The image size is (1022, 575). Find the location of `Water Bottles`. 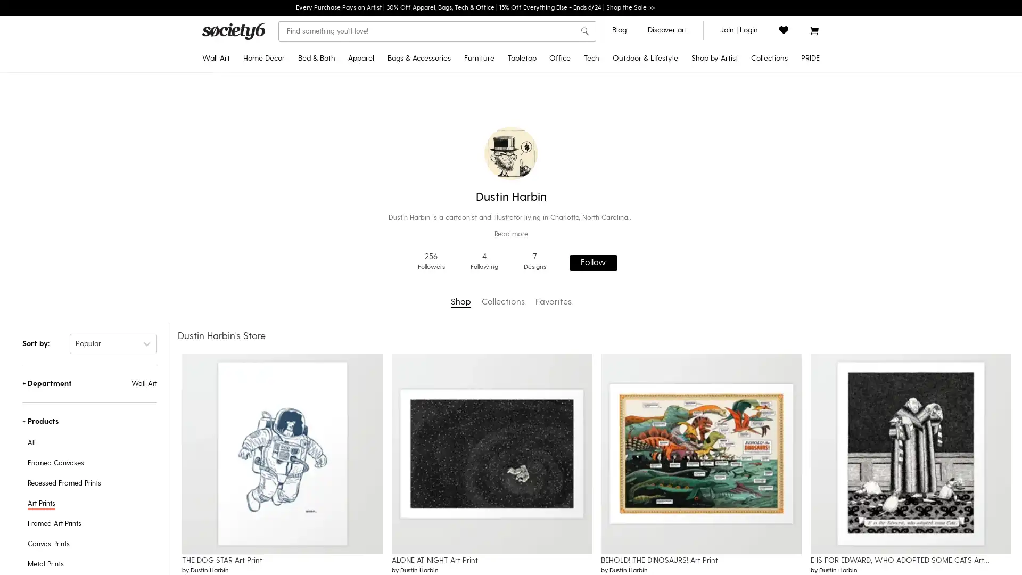

Water Bottles is located at coordinates (541, 188).